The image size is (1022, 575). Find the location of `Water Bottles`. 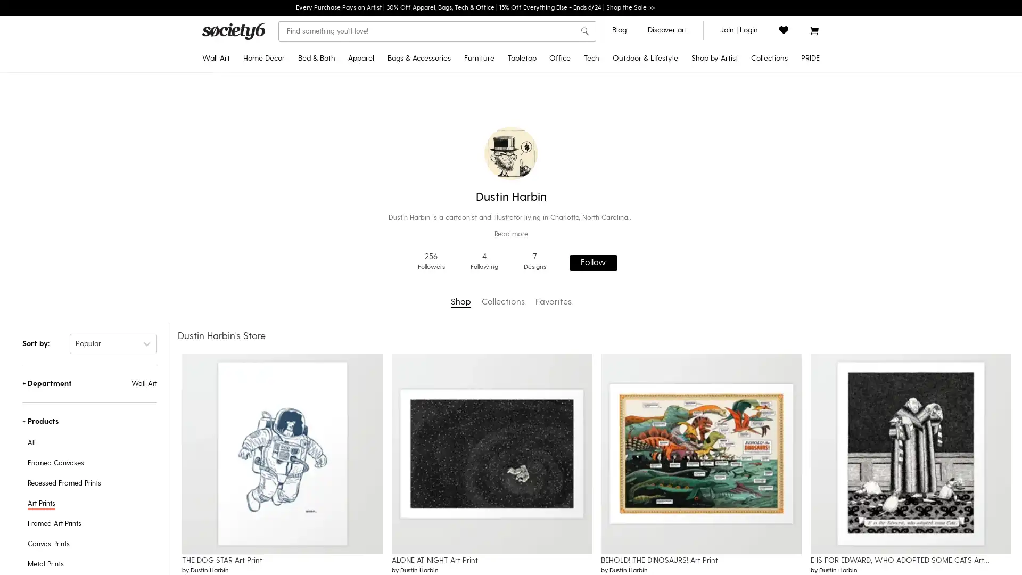

Water Bottles is located at coordinates (541, 188).